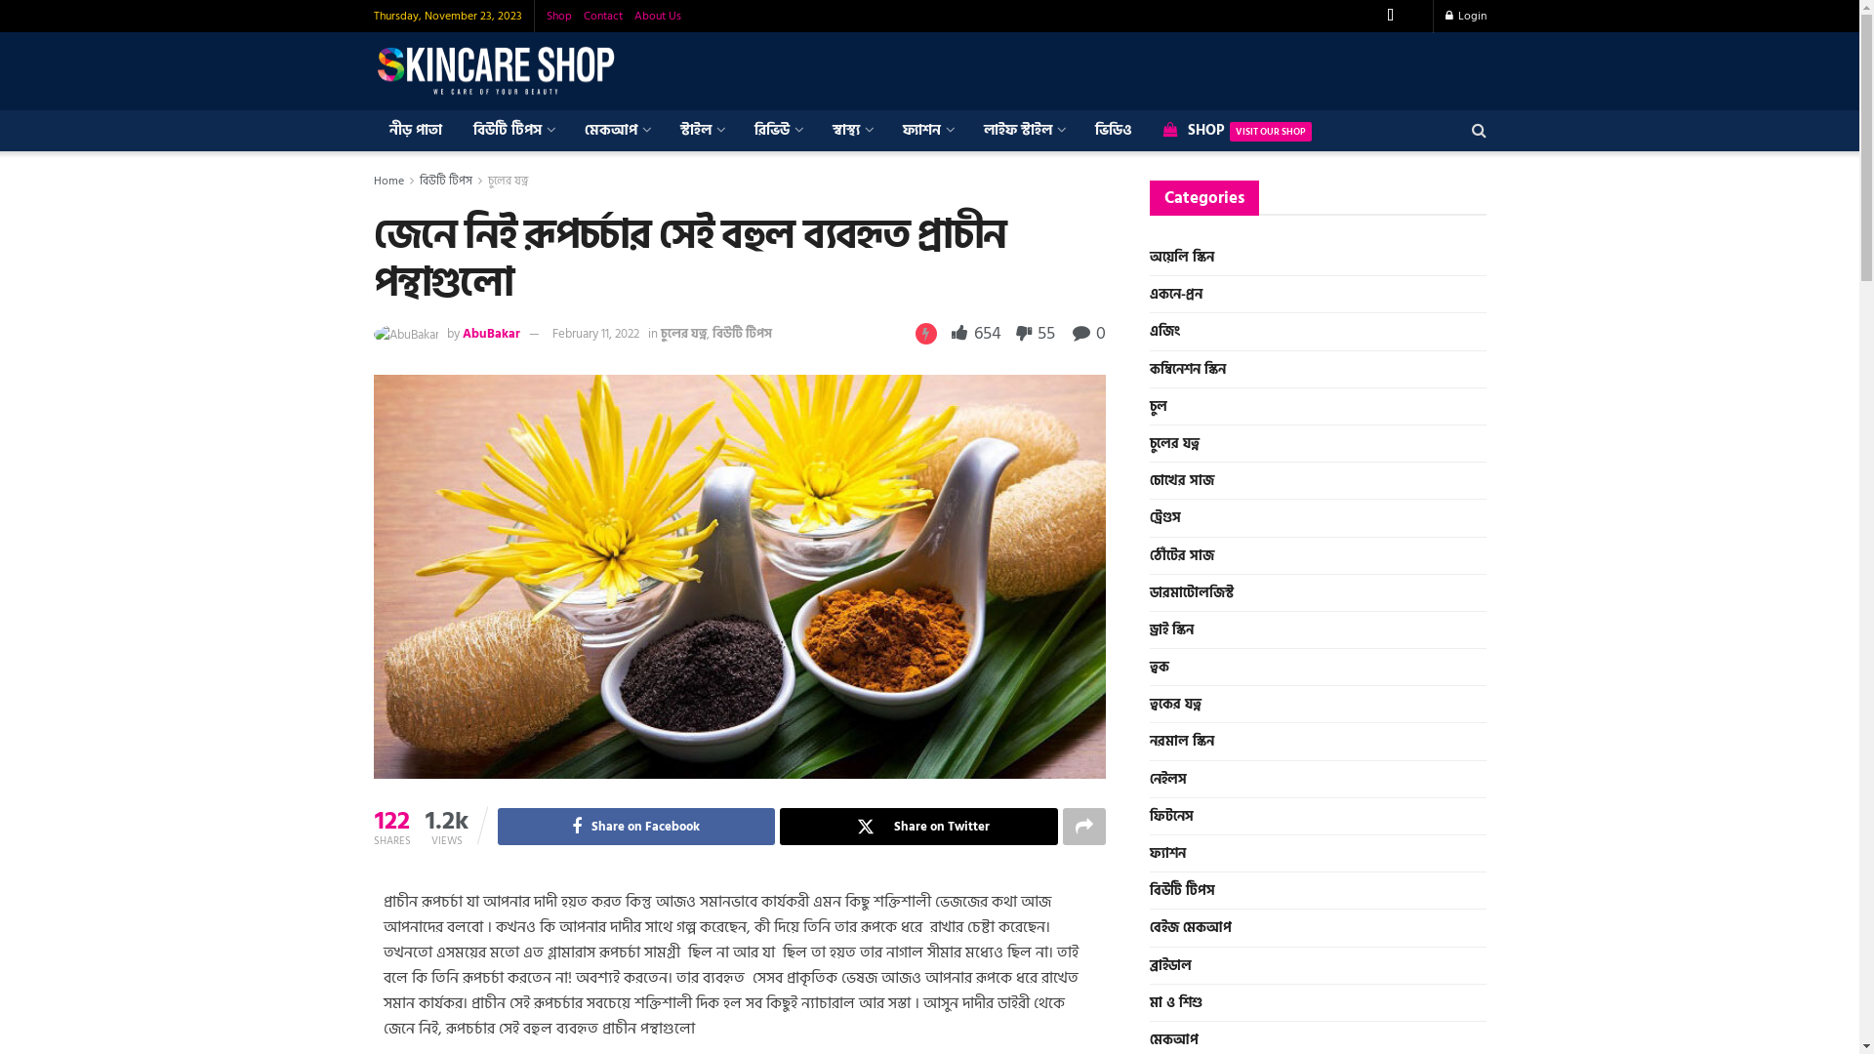 This screenshot has width=1874, height=1054. I want to click on 'Contact', so click(602, 16).